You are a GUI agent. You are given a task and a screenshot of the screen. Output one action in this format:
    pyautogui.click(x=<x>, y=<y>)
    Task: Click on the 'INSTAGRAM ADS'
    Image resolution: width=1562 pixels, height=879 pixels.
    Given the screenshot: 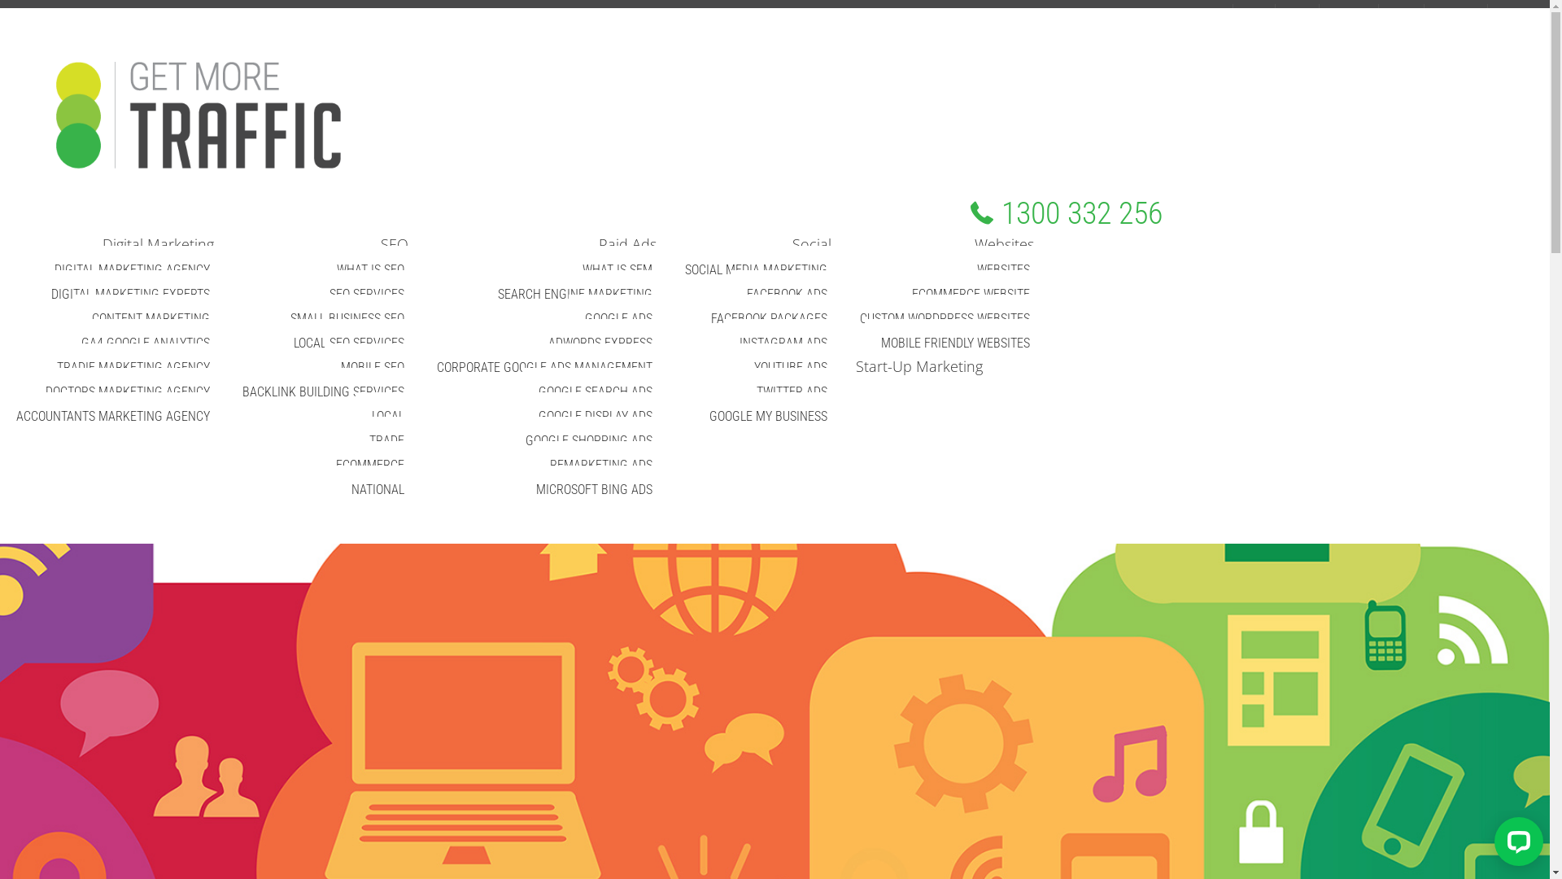 What is the action you would take?
    pyautogui.click(x=783, y=342)
    